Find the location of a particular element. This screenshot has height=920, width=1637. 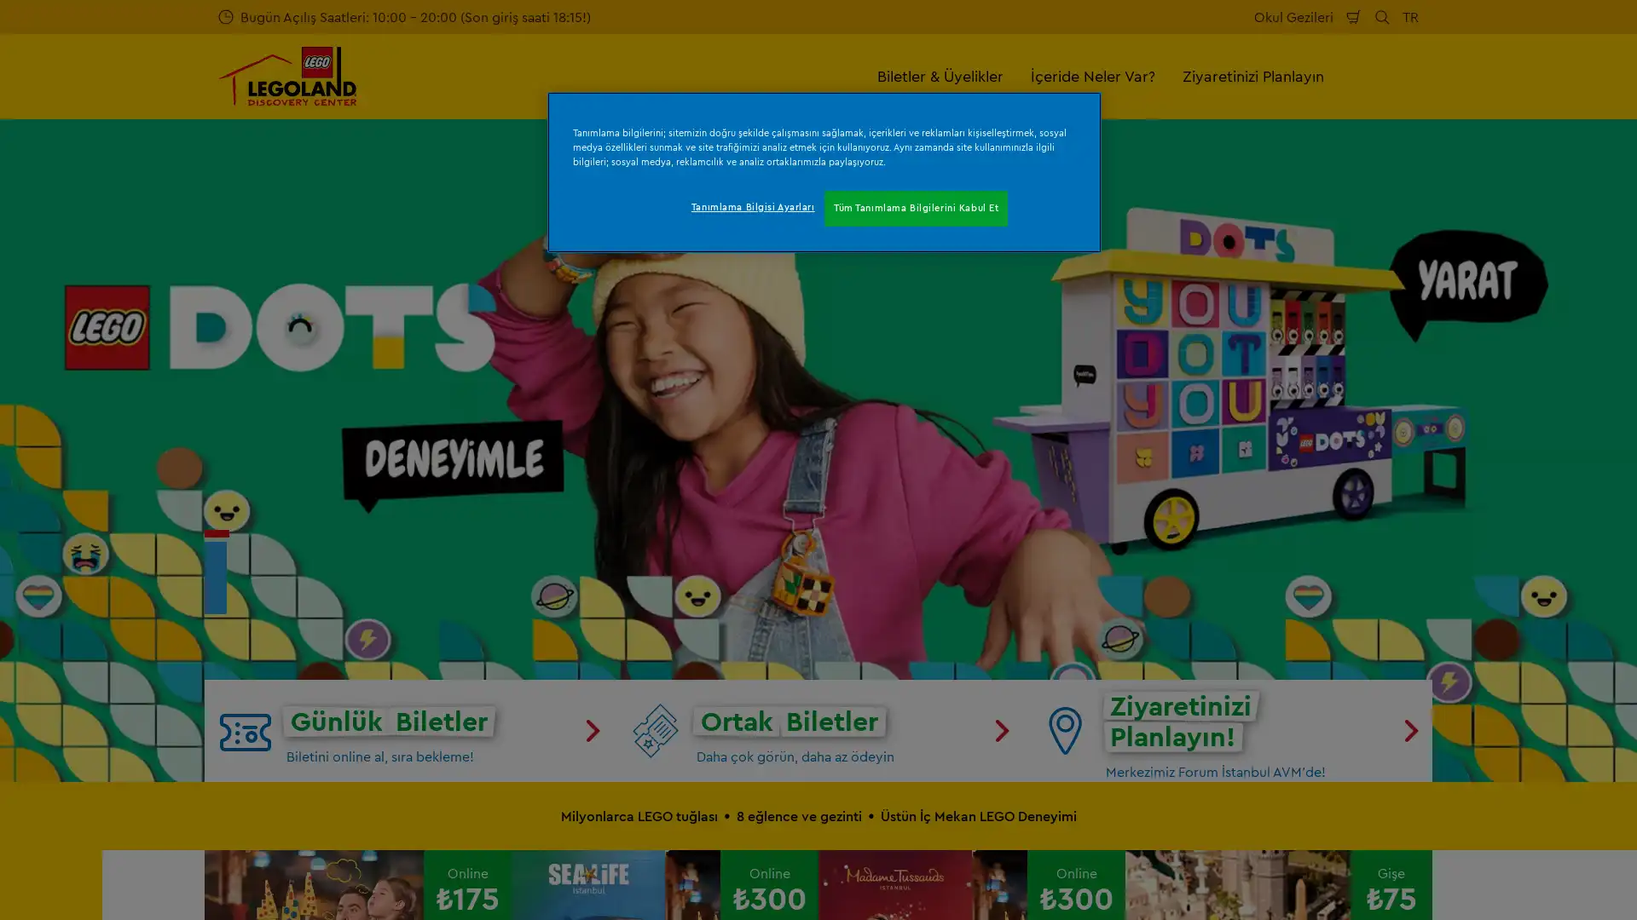

Tum Tanmlama Bilgilerini Kabul Et is located at coordinates (915, 208).